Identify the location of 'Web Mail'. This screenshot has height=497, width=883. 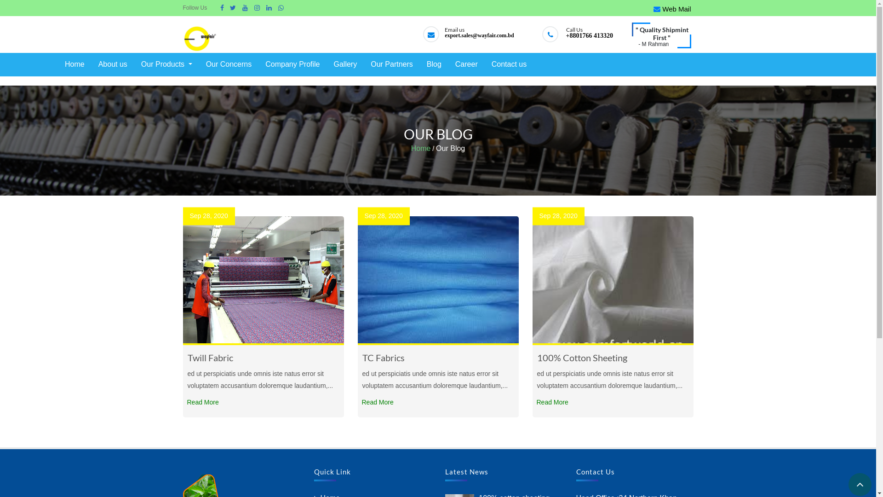
(672, 9).